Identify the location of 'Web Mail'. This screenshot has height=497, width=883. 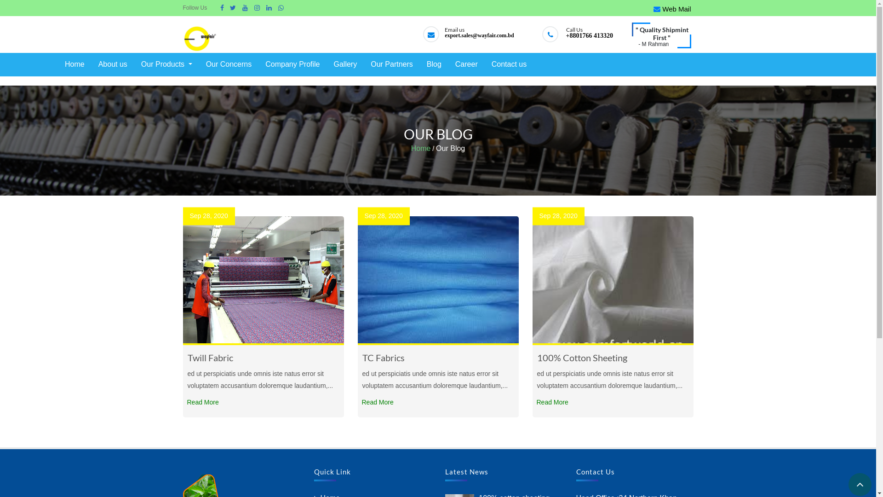
(672, 9).